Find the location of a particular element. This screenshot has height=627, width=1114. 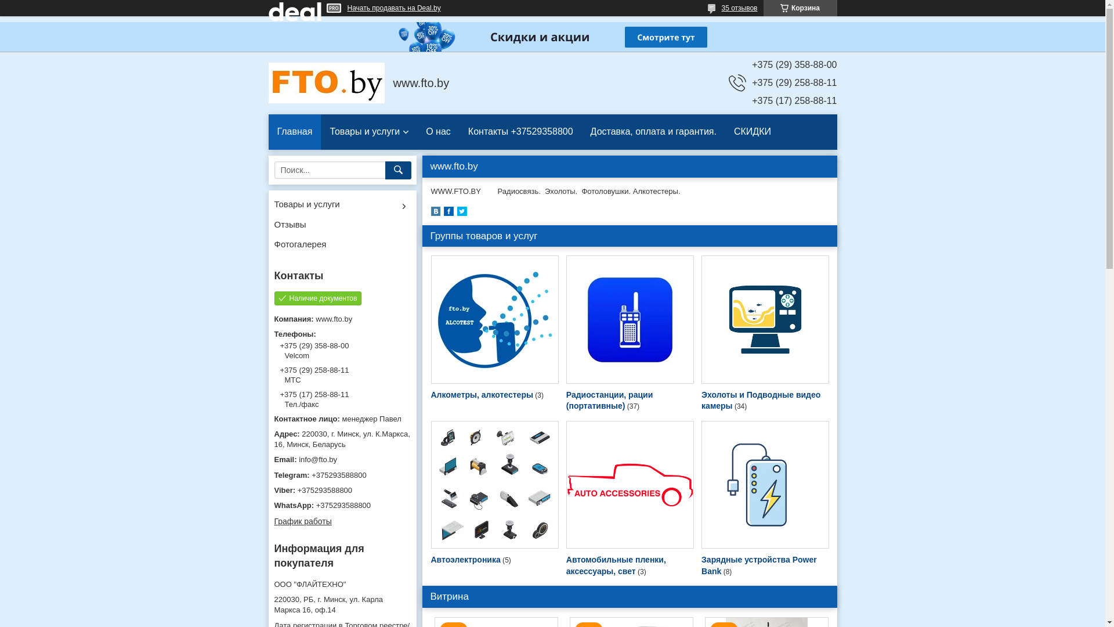

'info@fto.by' is located at coordinates (341, 459).